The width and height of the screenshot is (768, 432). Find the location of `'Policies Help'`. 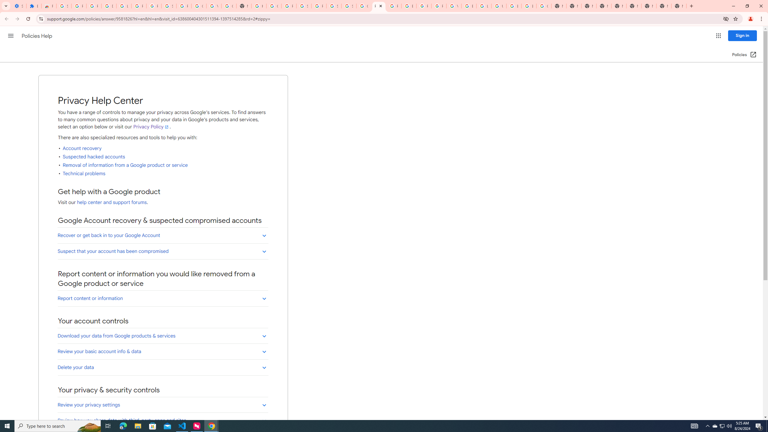

'Policies Help' is located at coordinates (37, 36).